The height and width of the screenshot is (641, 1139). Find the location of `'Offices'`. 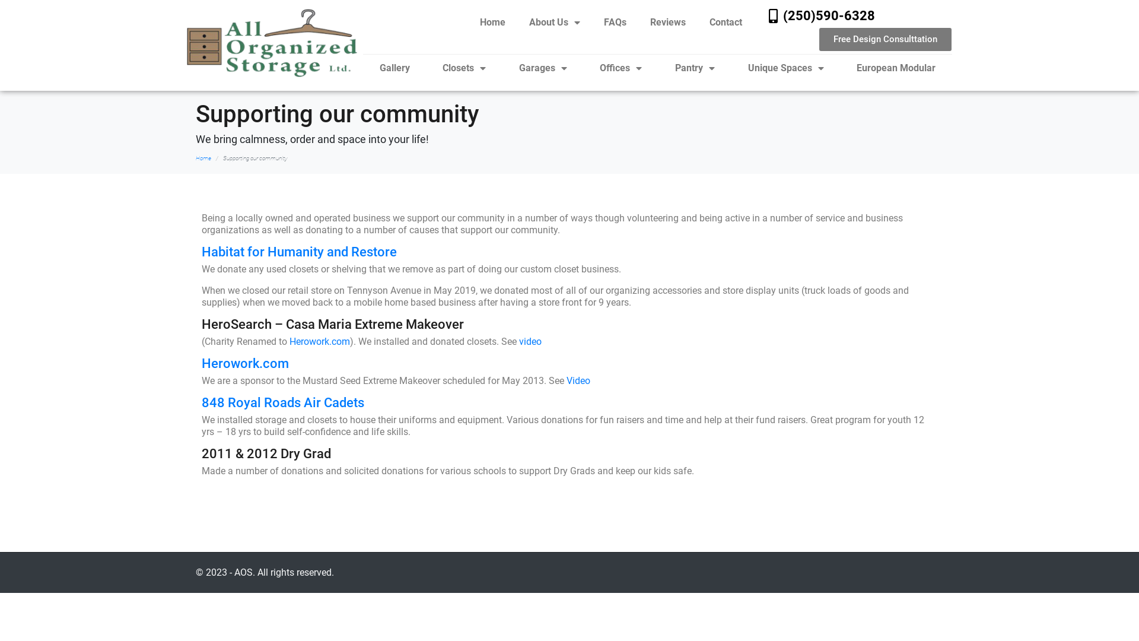

'Offices' is located at coordinates (583, 68).